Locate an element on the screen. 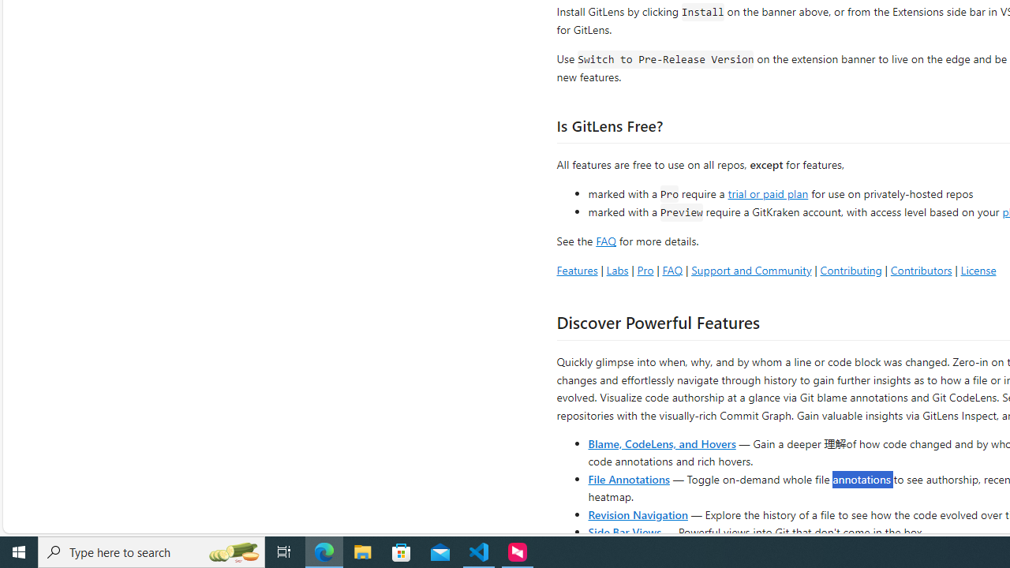  'File Annotations' is located at coordinates (627, 477).